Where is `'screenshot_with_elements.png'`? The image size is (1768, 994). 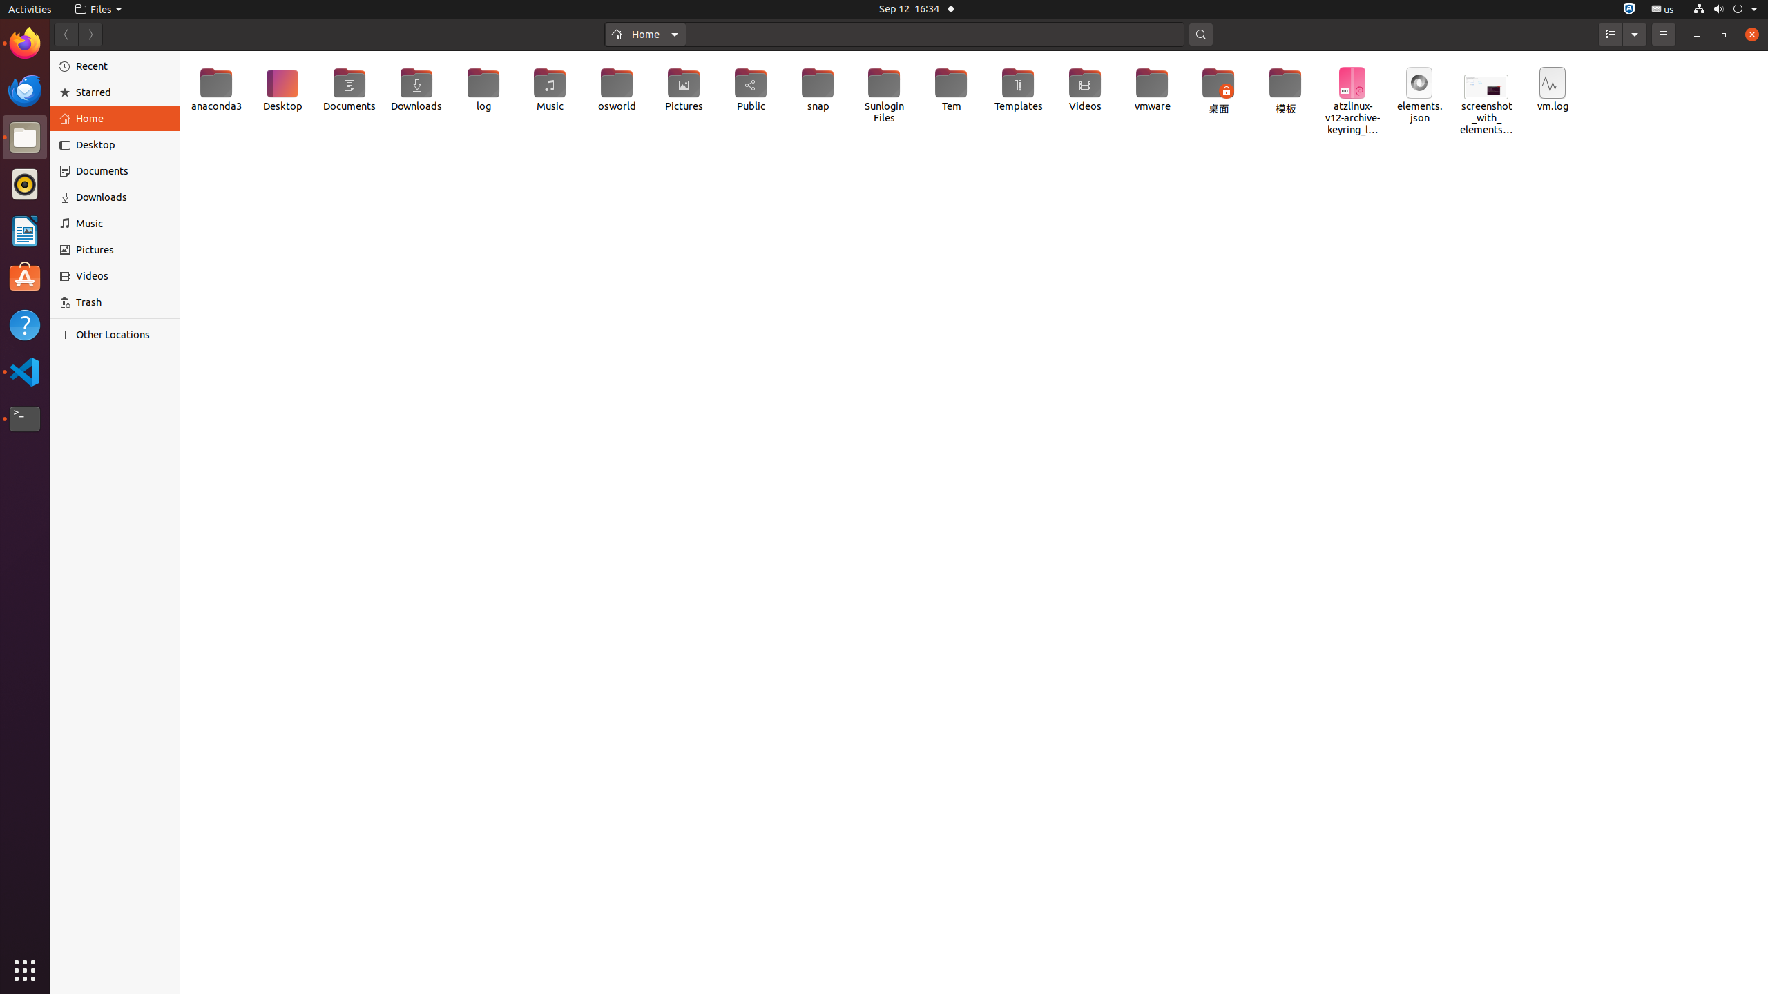 'screenshot_with_elements.png' is located at coordinates (1486, 95).